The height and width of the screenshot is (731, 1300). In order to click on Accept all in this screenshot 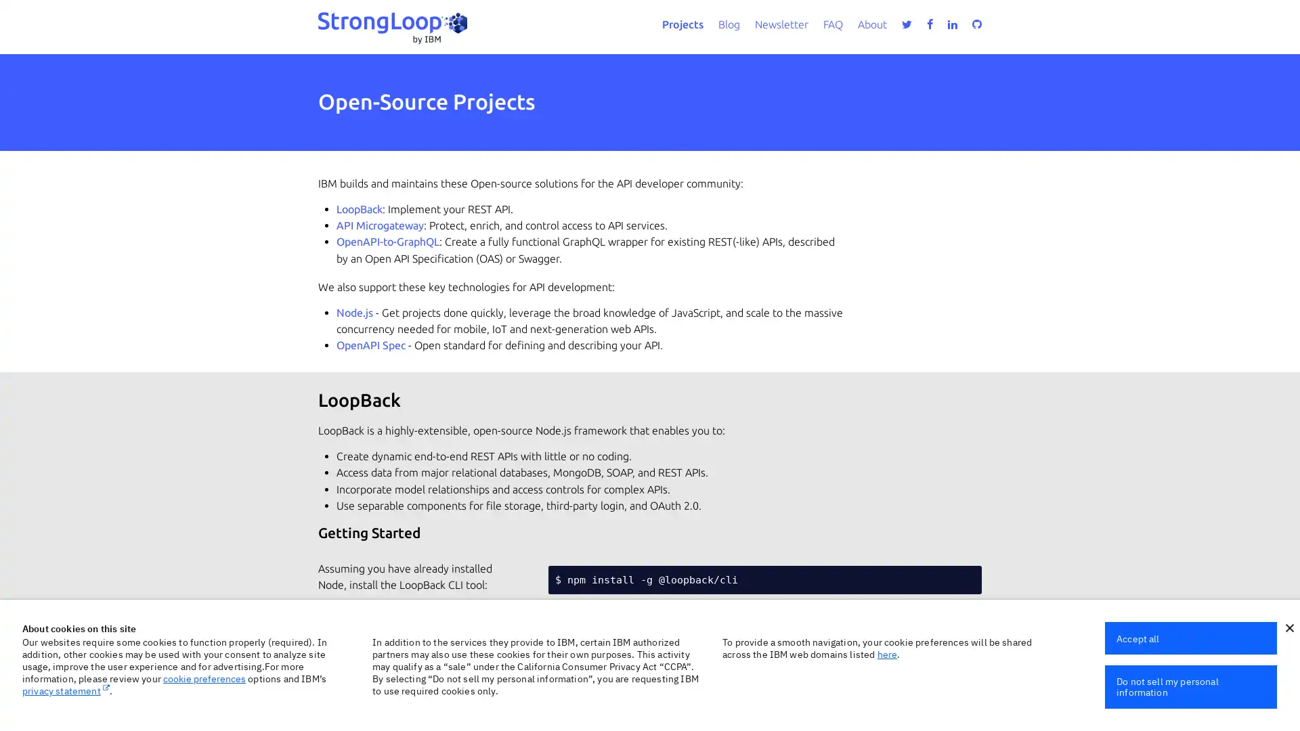, I will do `click(1190, 638)`.